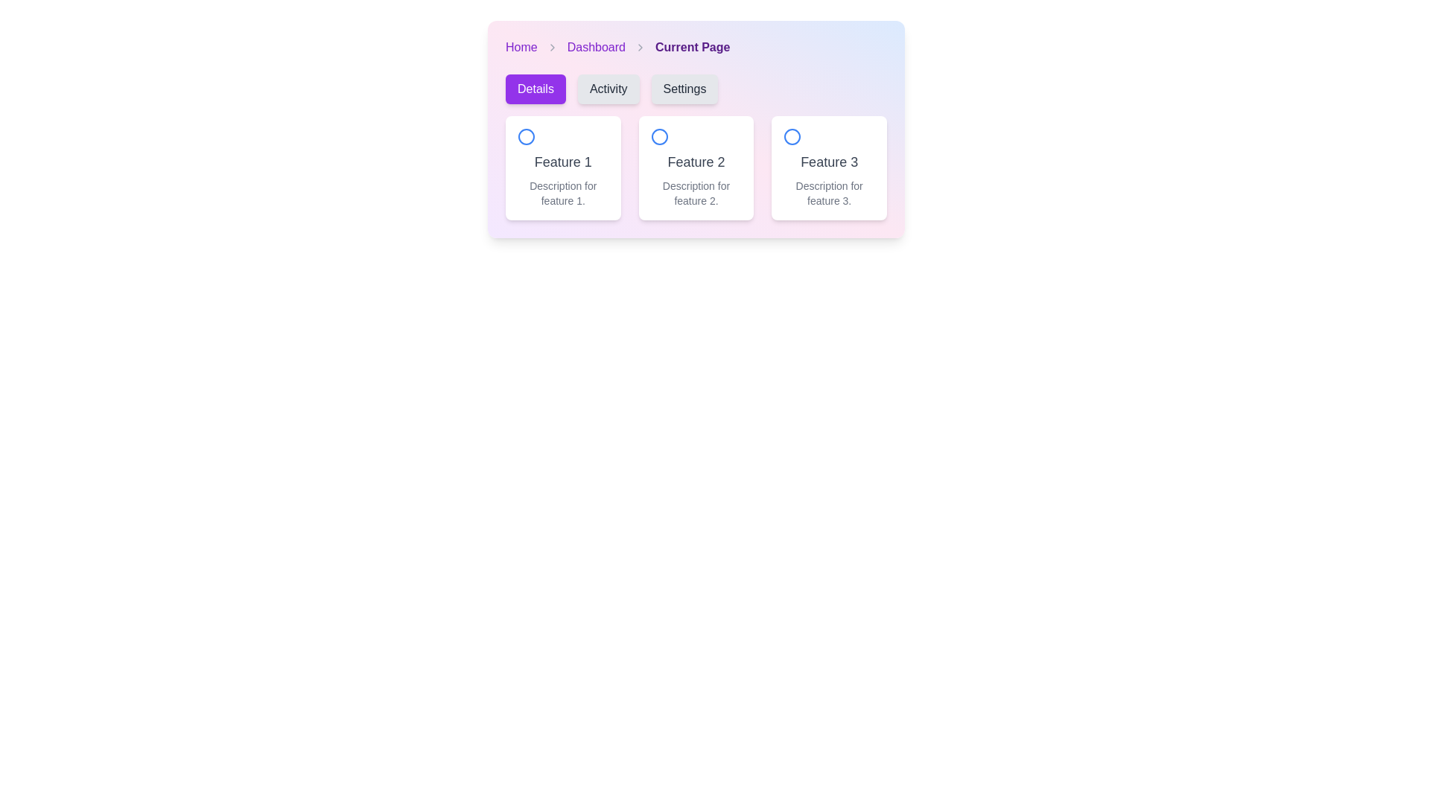 This screenshot has height=804, width=1430. Describe the element at coordinates (696, 89) in the screenshot. I see `the button group located beneath the breadcrumb navigation 'Home > Dashboard > Current Page', which provides navigation or filtering options` at that location.